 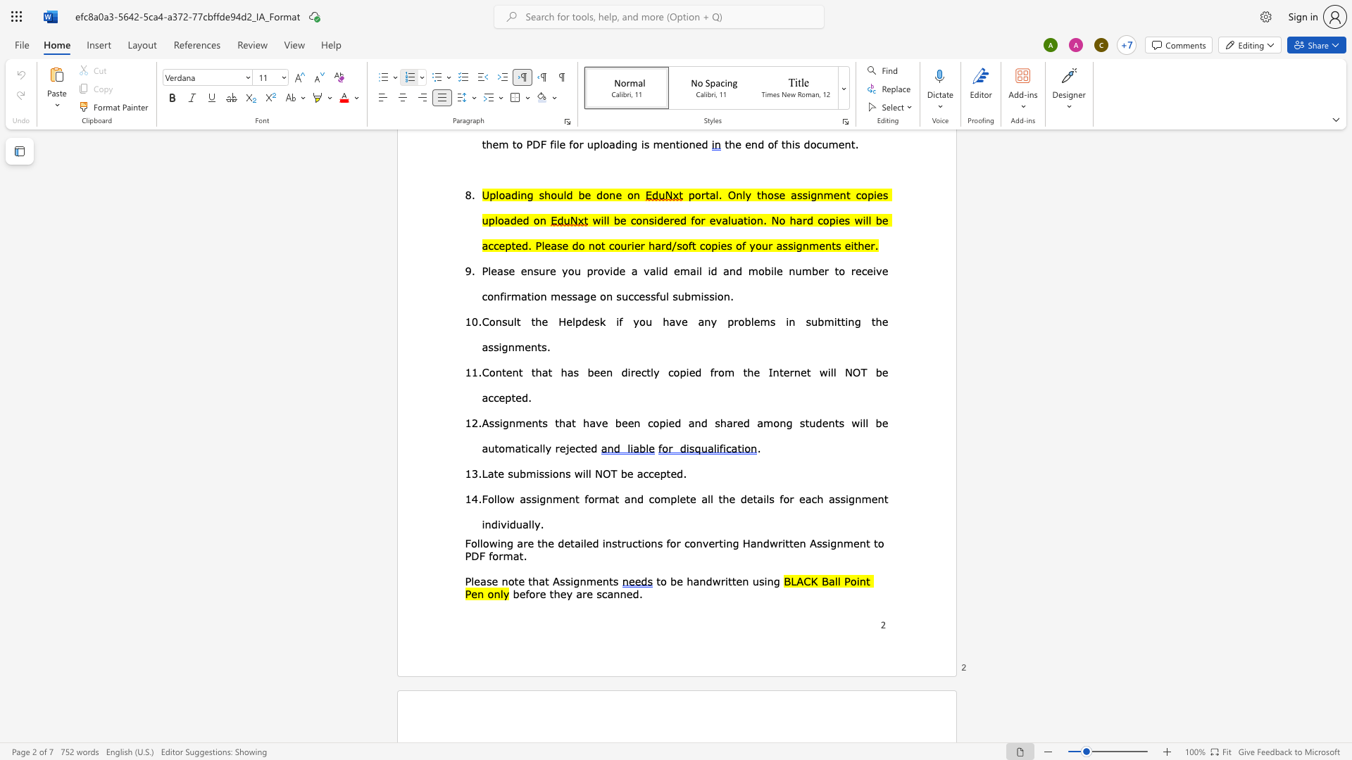 What do you see at coordinates (565, 473) in the screenshot?
I see `the space between the continuous character "n" and "s" in the text` at bounding box center [565, 473].